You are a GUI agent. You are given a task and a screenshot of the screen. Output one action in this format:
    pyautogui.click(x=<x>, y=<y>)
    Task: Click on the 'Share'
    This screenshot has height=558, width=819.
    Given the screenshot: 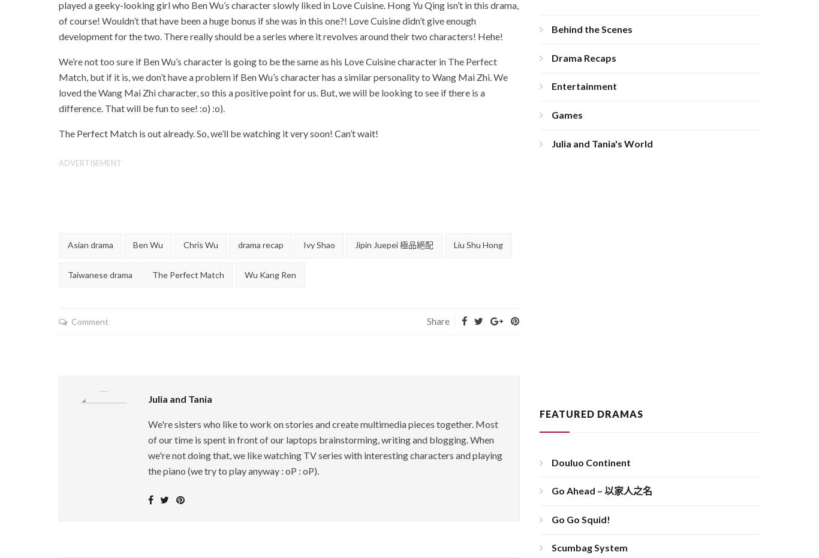 What is the action you would take?
    pyautogui.click(x=438, y=320)
    